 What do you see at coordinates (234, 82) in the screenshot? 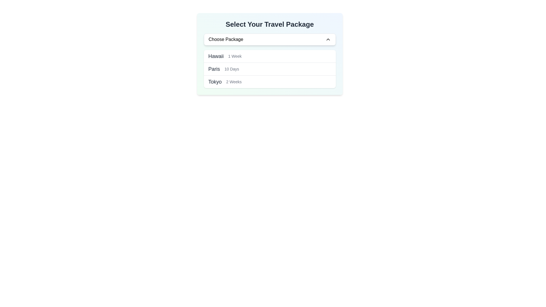
I see `the Text label displaying '2 Weeks', which is positioned to the right of the 'Tokyo' travel package entry, indicating it as secondary descriptive content` at bounding box center [234, 82].